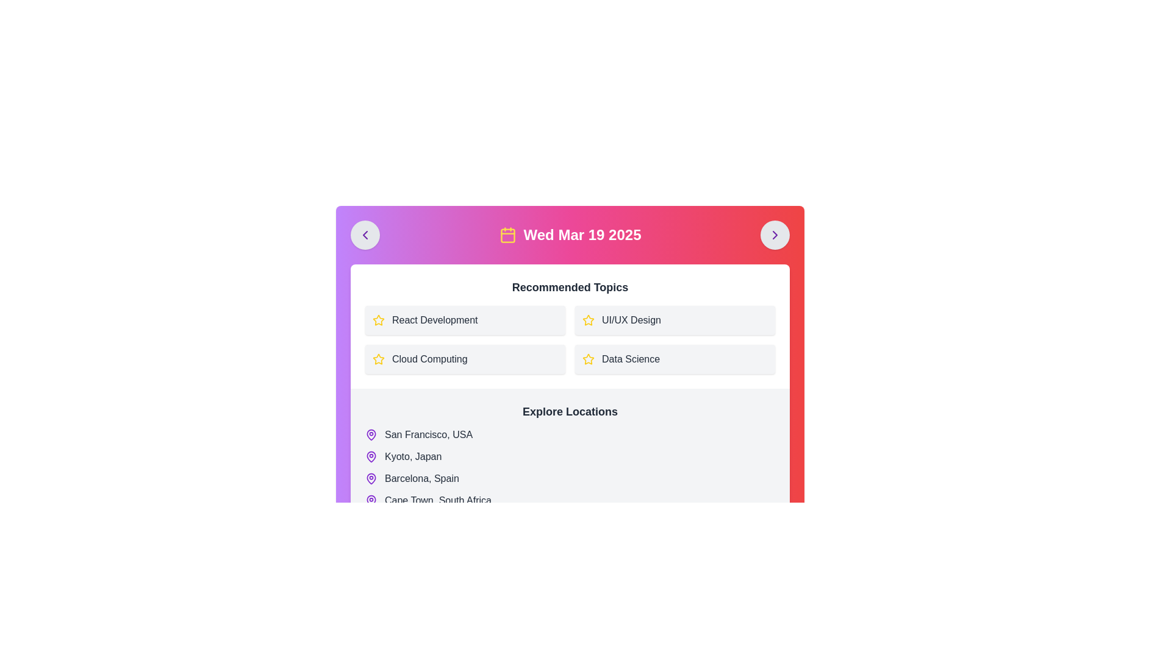  What do you see at coordinates (371, 500) in the screenshot?
I see `the purple map pin icon` at bounding box center [371, 500].